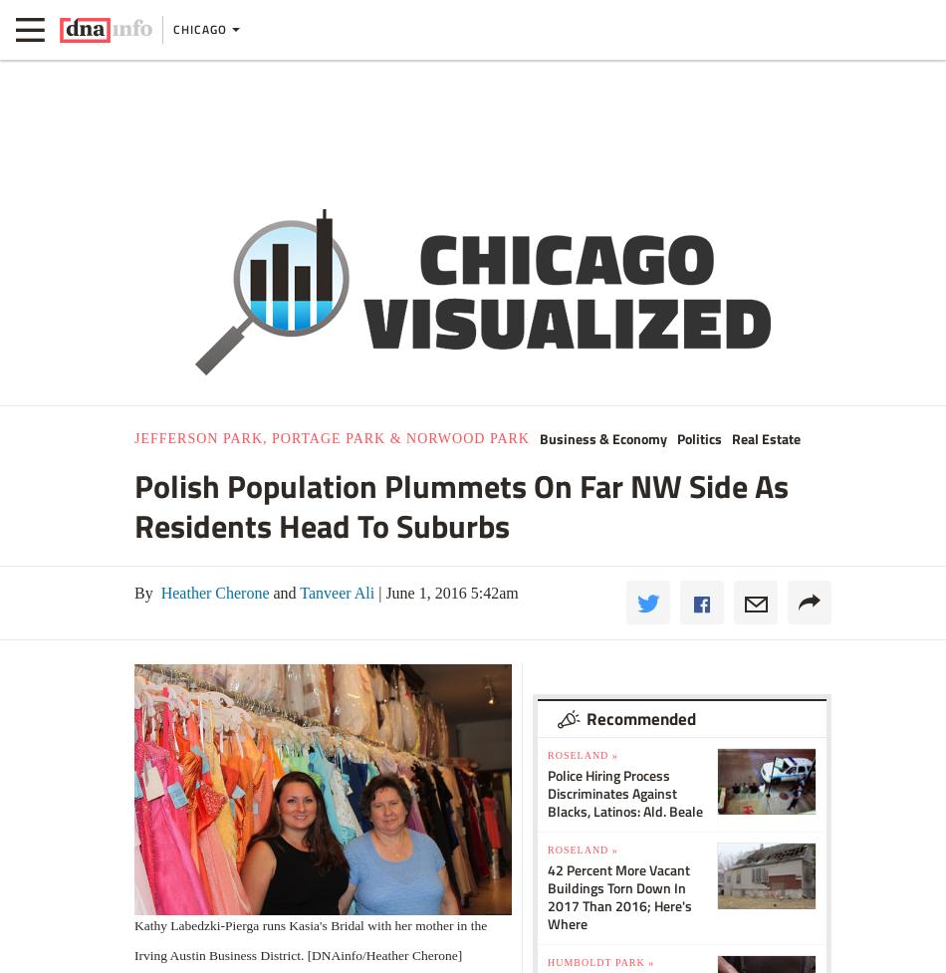  I want to click on '42 Percent More Vacant Buildings Torn Down In 2017 Than 2016; Here's Where', so click(619, 894).